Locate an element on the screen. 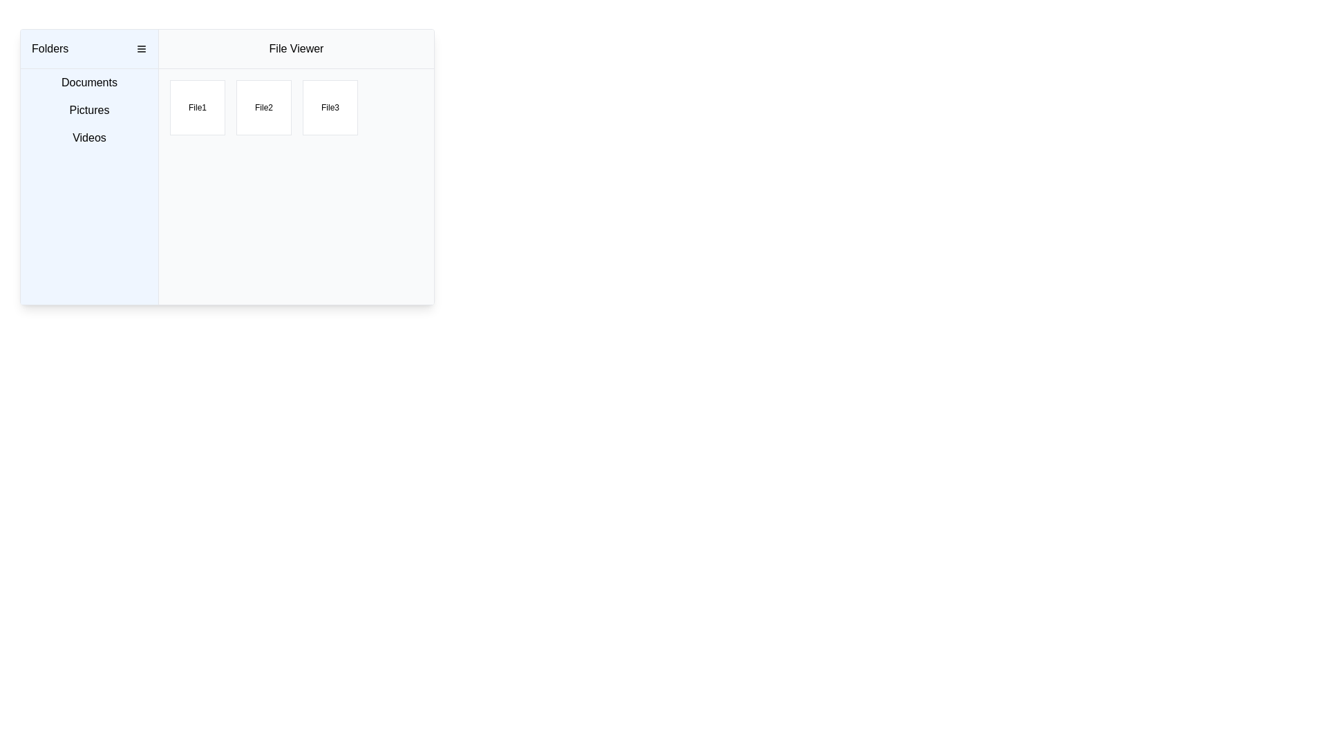 This screenshot has width=1327, height=746. the static text label that reads 'File3', which is displayed in the third box of a grid under the 'File Viewer' header is located at coordinates (330, 106).